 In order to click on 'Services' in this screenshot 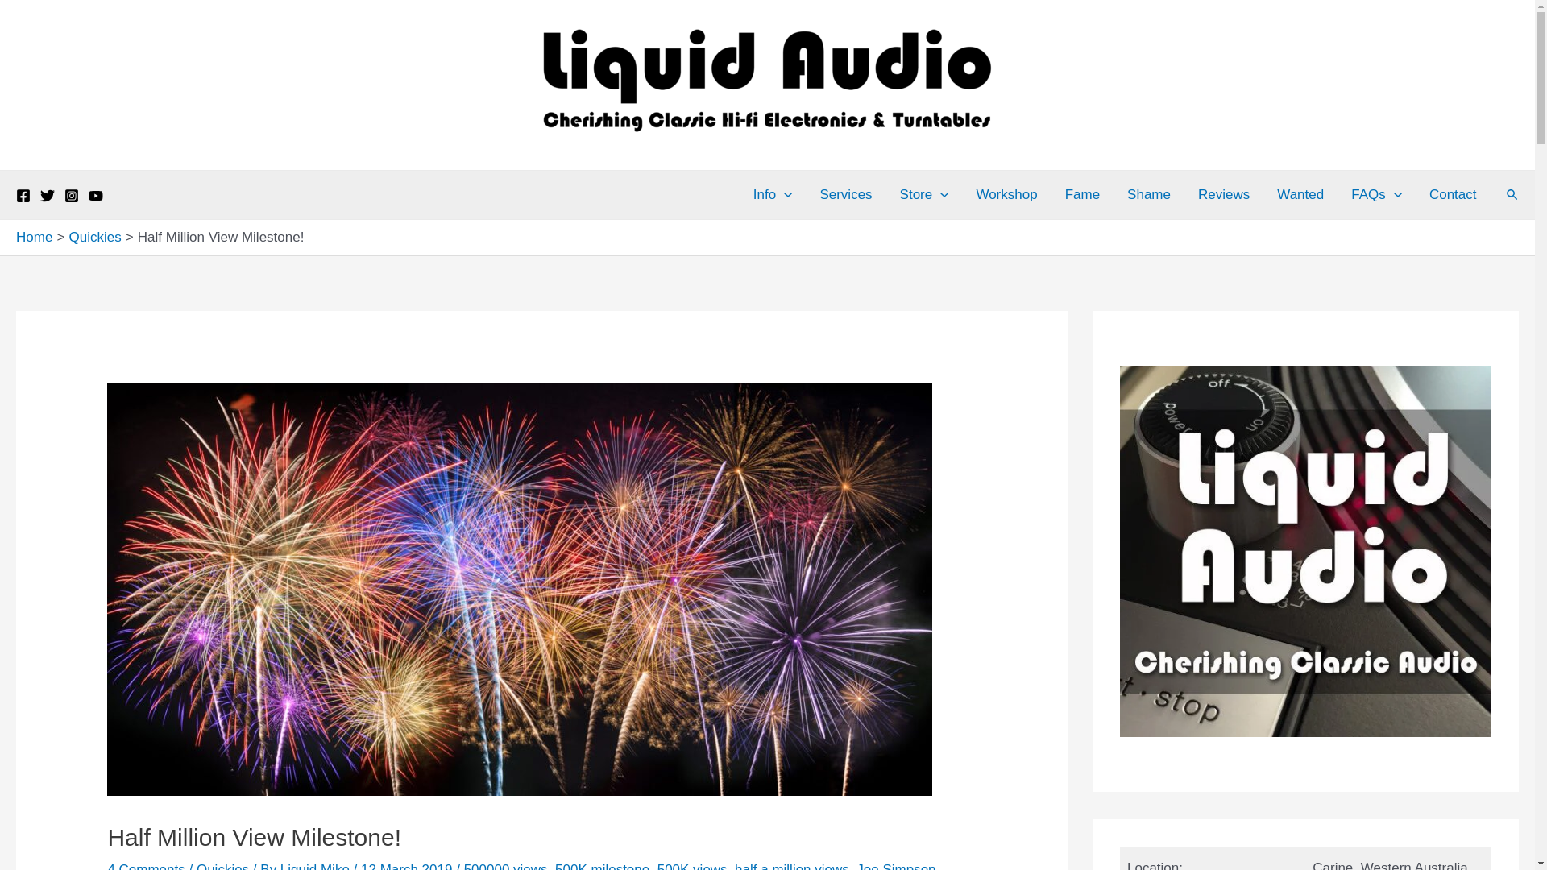, I will do `click(805, 194)`.